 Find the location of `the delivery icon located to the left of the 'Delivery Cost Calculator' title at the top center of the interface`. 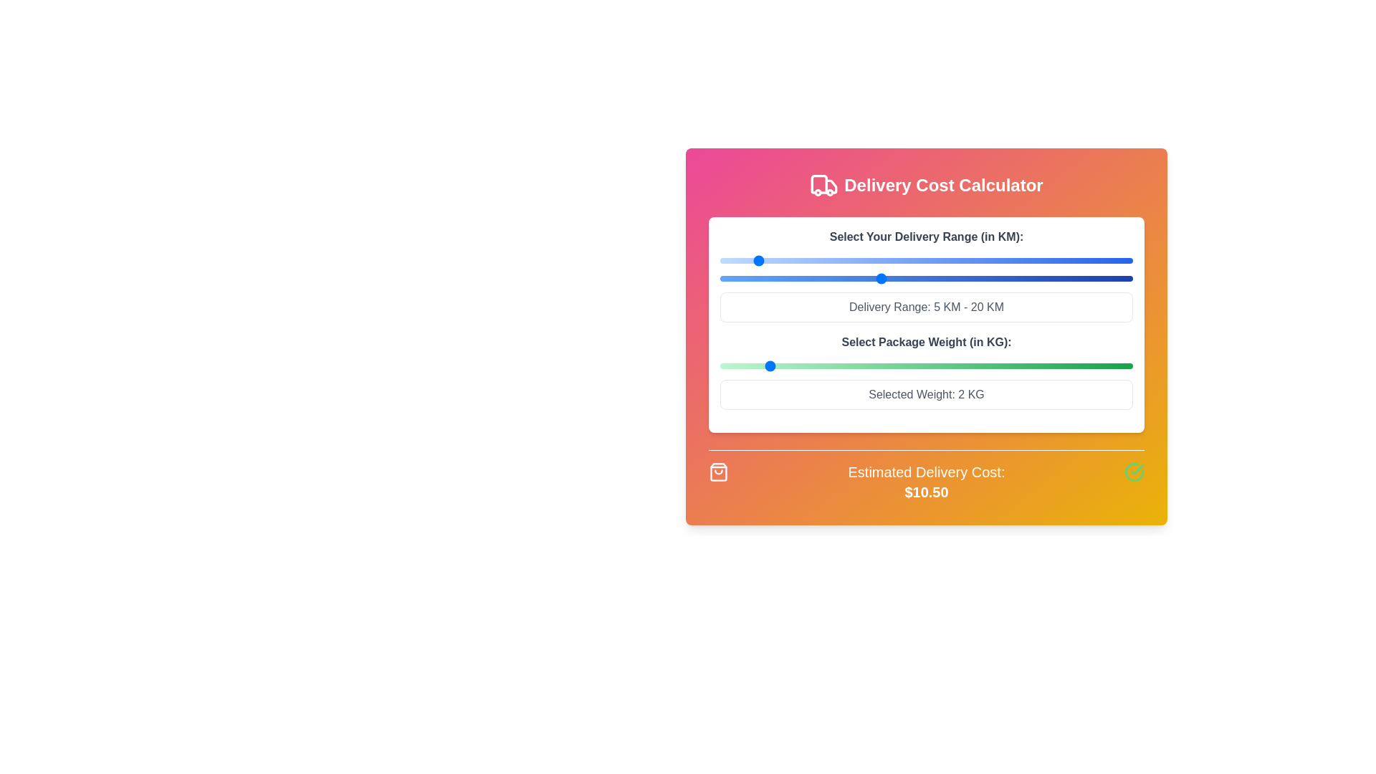

the delivery icon located to the left of the 'Delivery Cost Calculator' title at the top center of the interface is located at coordinates (824, 184).